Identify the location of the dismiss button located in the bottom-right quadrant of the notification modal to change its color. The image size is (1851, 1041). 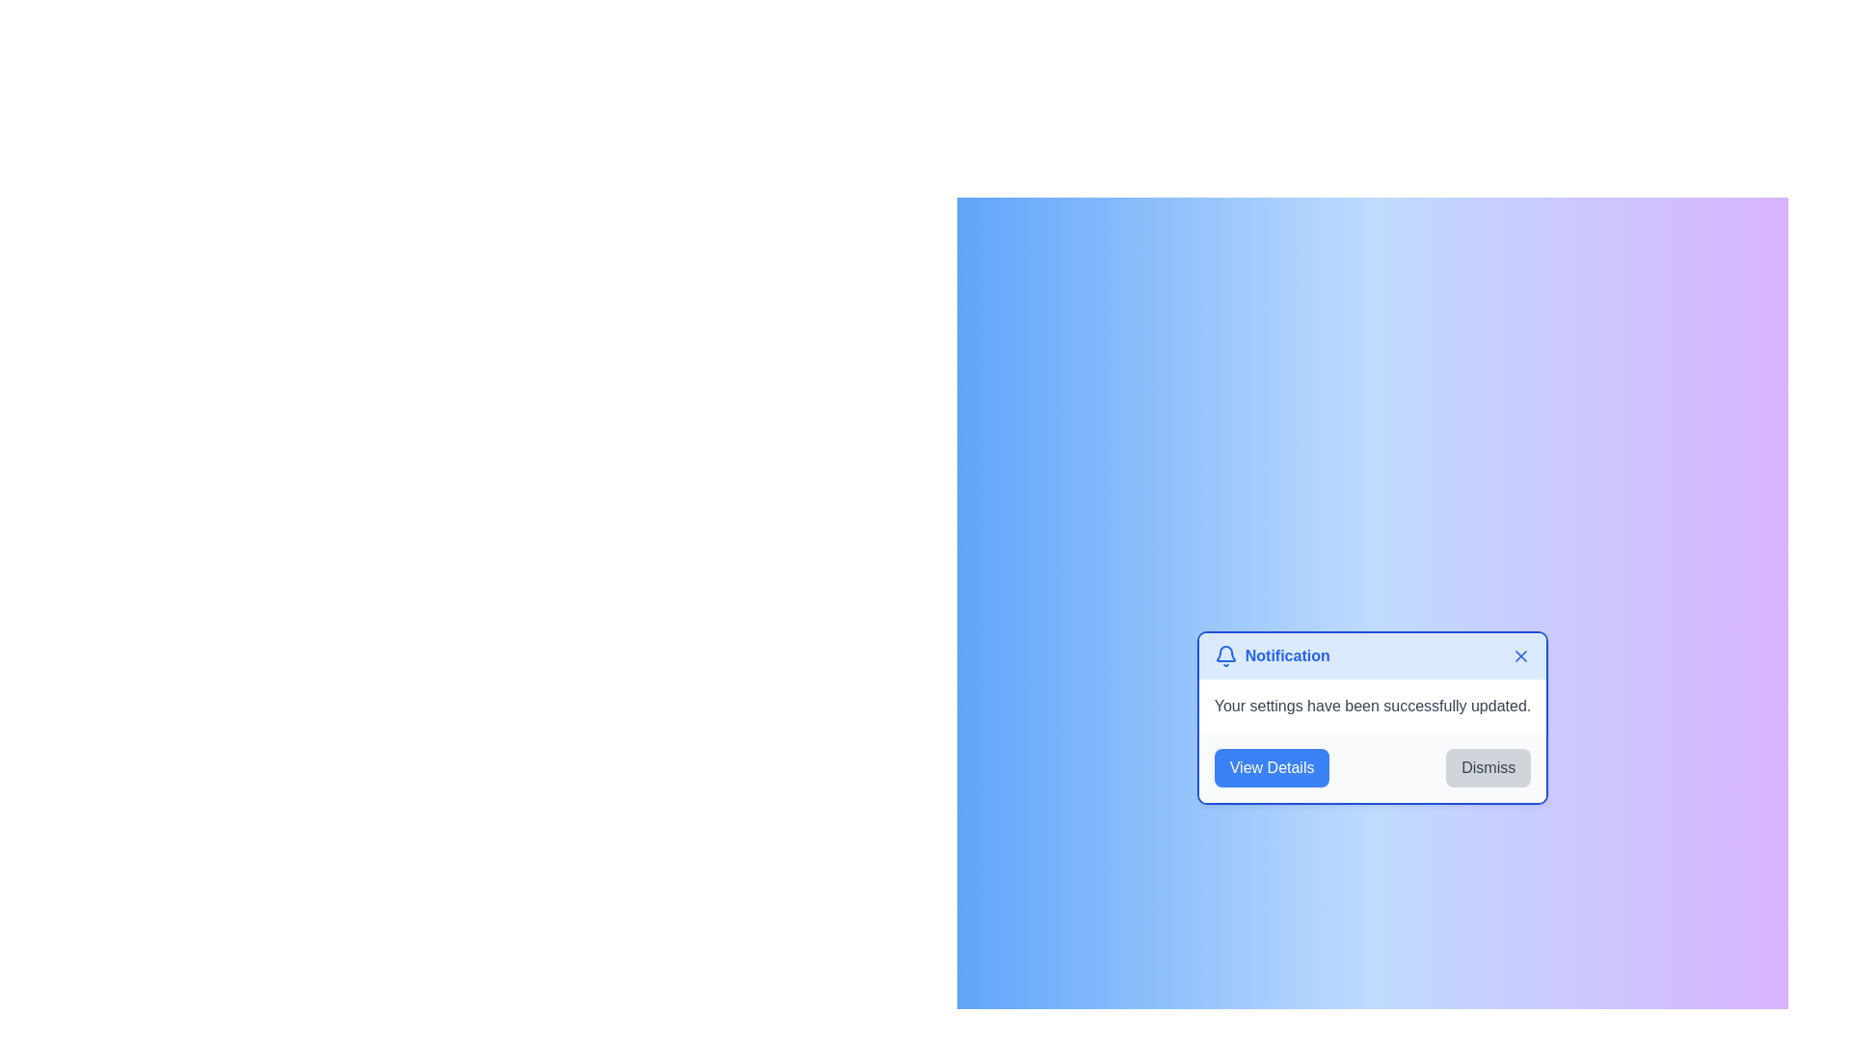
(1488, 767).